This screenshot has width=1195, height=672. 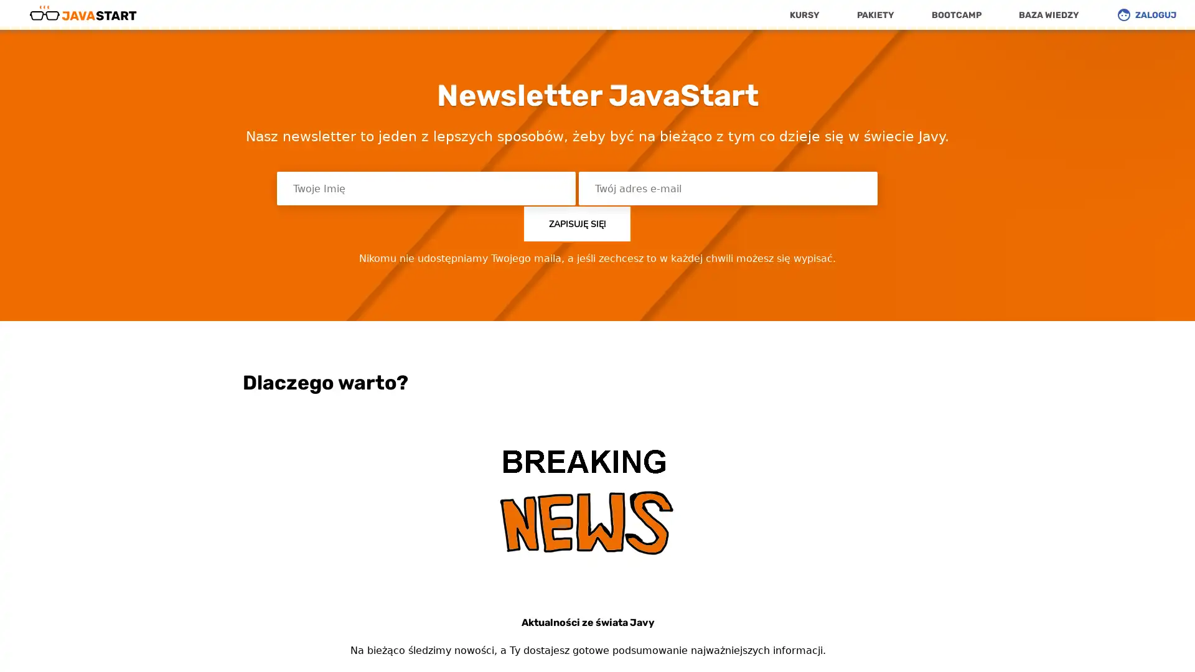 I want to click on ZAPISUJE SIE!, so click(x=576, y=223).